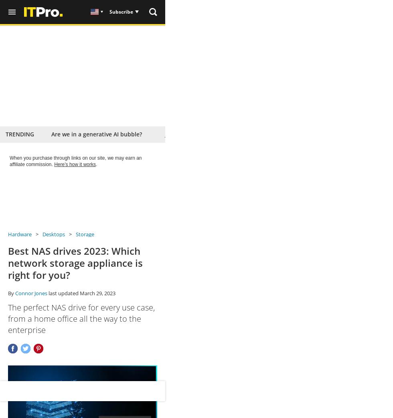 This screenshot has height=418, width=393. What do you see at coordinates (97, 292) in the screenshot?
I see `'March 29, 2023'` at bounding box center [97, 292].